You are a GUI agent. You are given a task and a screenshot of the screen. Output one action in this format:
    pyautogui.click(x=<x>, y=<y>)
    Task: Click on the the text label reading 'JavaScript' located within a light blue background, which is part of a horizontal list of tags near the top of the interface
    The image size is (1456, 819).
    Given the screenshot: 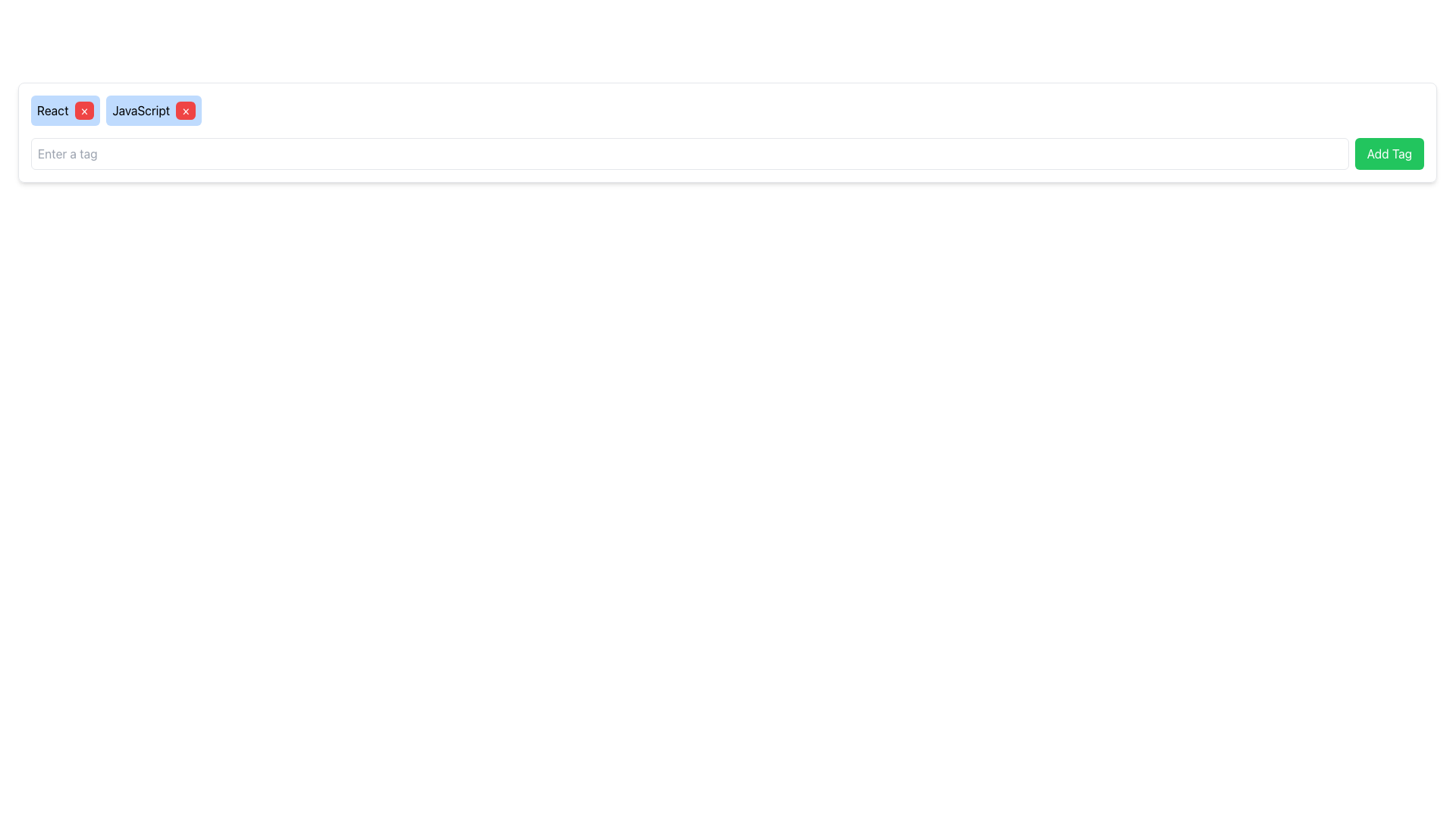 What is the action you would take?
    pyautogui.click(x=141, y=110)
    